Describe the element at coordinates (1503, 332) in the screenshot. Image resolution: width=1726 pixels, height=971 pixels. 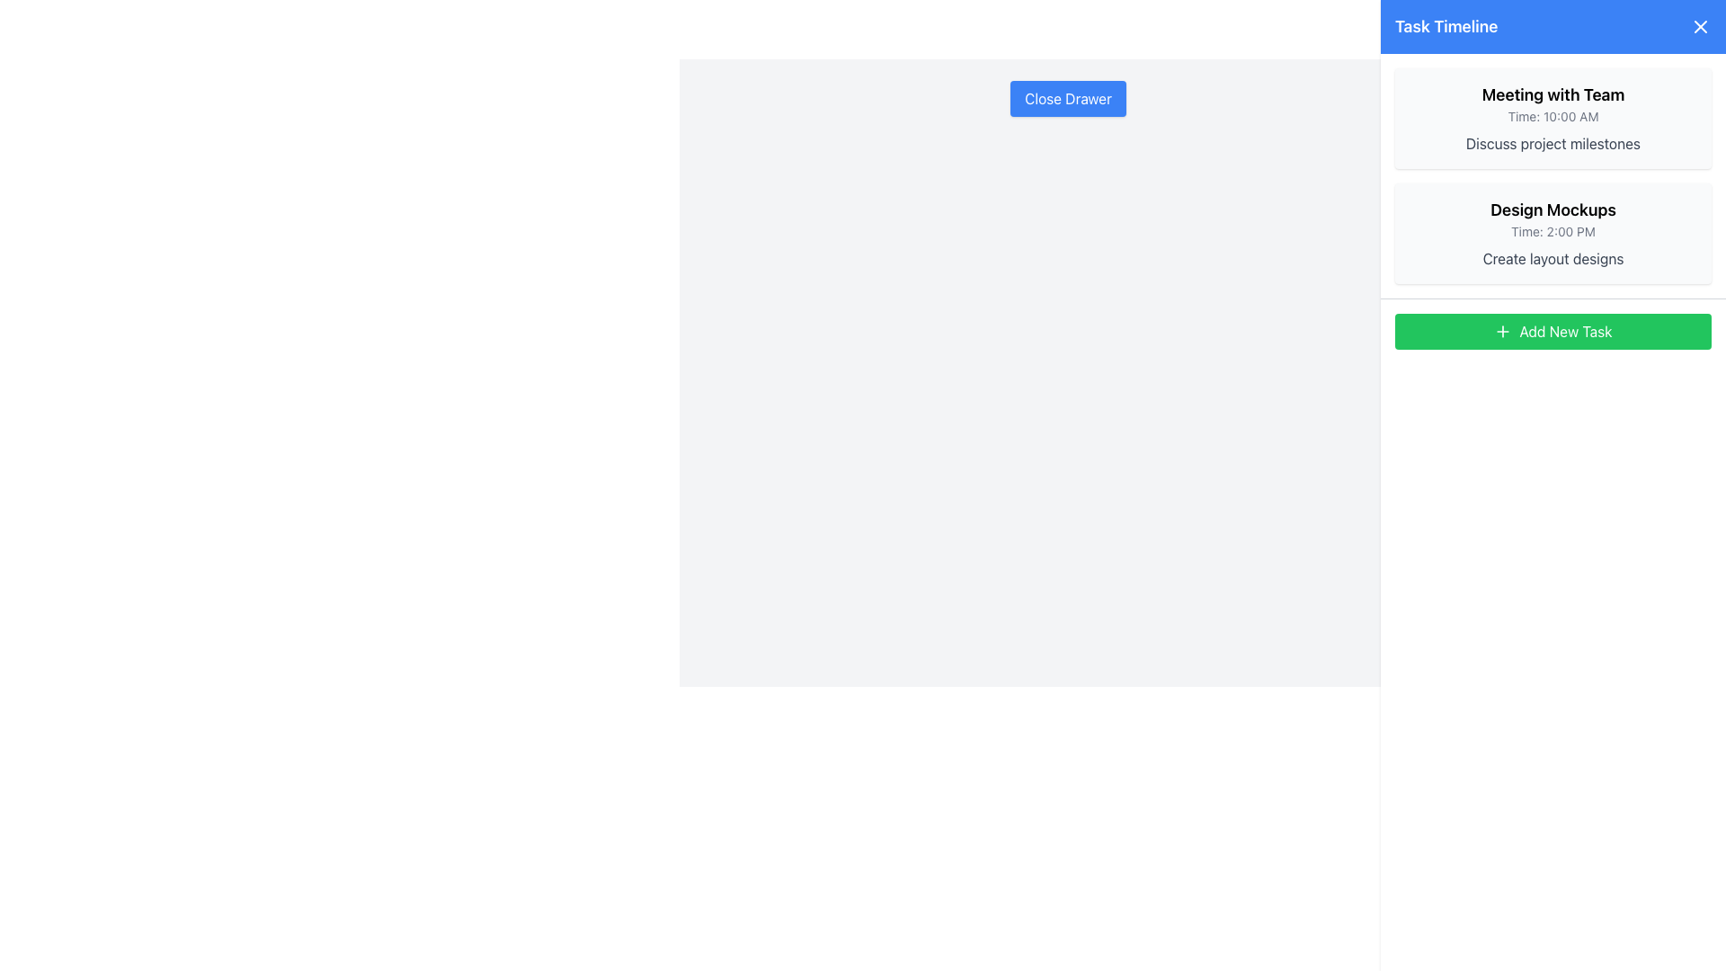
I see `the plus icon within the green rectangular button labeled 'Add New Task' at the bottom of the task timeline interface` at that location.